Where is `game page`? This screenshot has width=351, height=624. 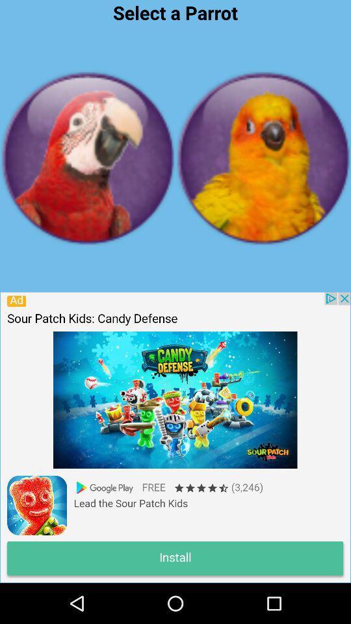 game page is located at coordinates (175, 437).